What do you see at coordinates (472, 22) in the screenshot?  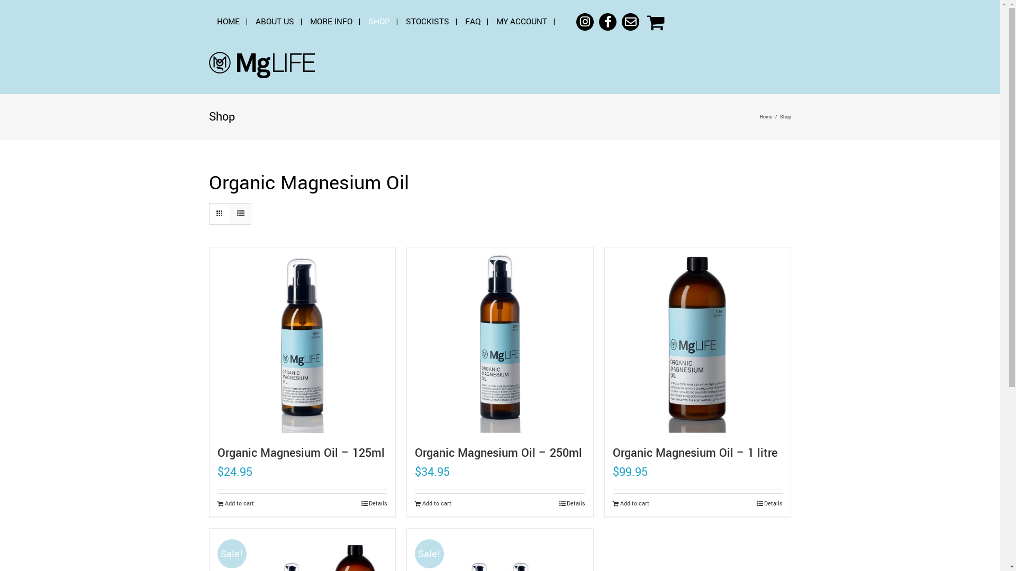 I see `'FAQ'` at bounding box center [472, 22].